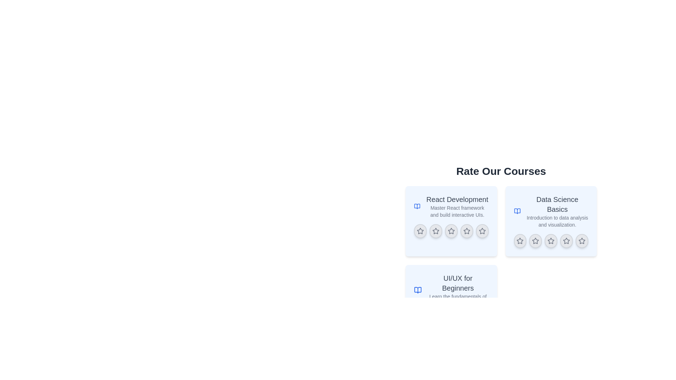 Image resolution: width=676 pixels, height=380 pixels. I want to click on title displayed in the lower-left card of the 'Rate Our Courses' section, which is positioned above the text 'Learn the fundamentals of UI/UX design.', so click(458, 283).